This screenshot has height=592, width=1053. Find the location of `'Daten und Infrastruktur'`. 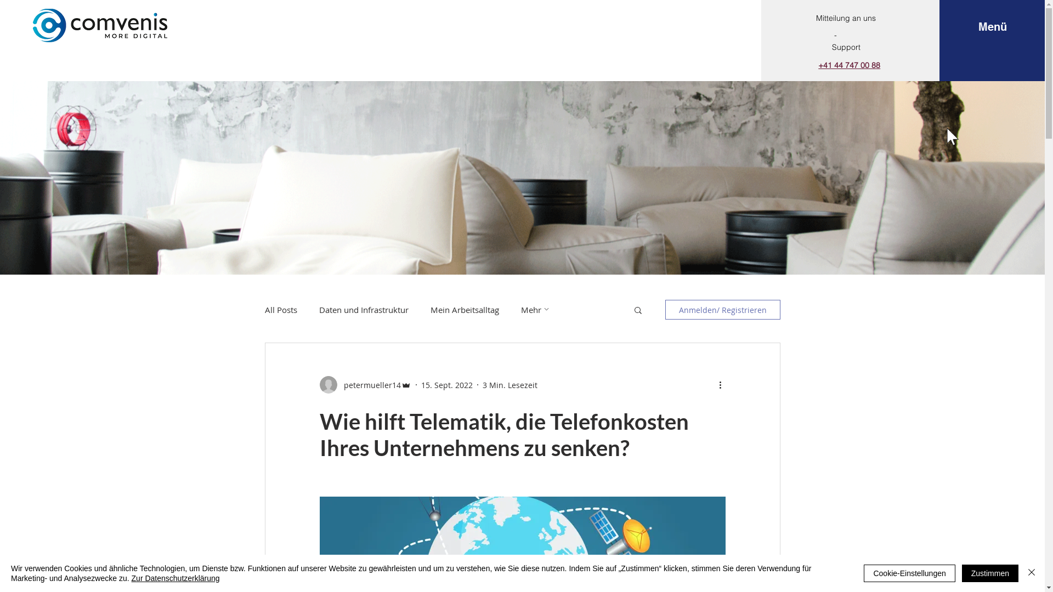

'Daten und Infrastruktur' is located at coordinates (364, 309).